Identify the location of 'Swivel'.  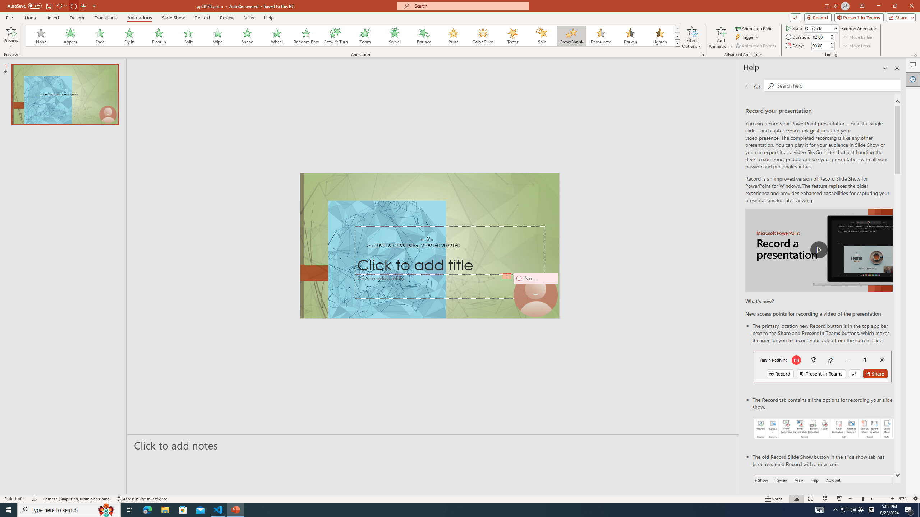
(394, 36).